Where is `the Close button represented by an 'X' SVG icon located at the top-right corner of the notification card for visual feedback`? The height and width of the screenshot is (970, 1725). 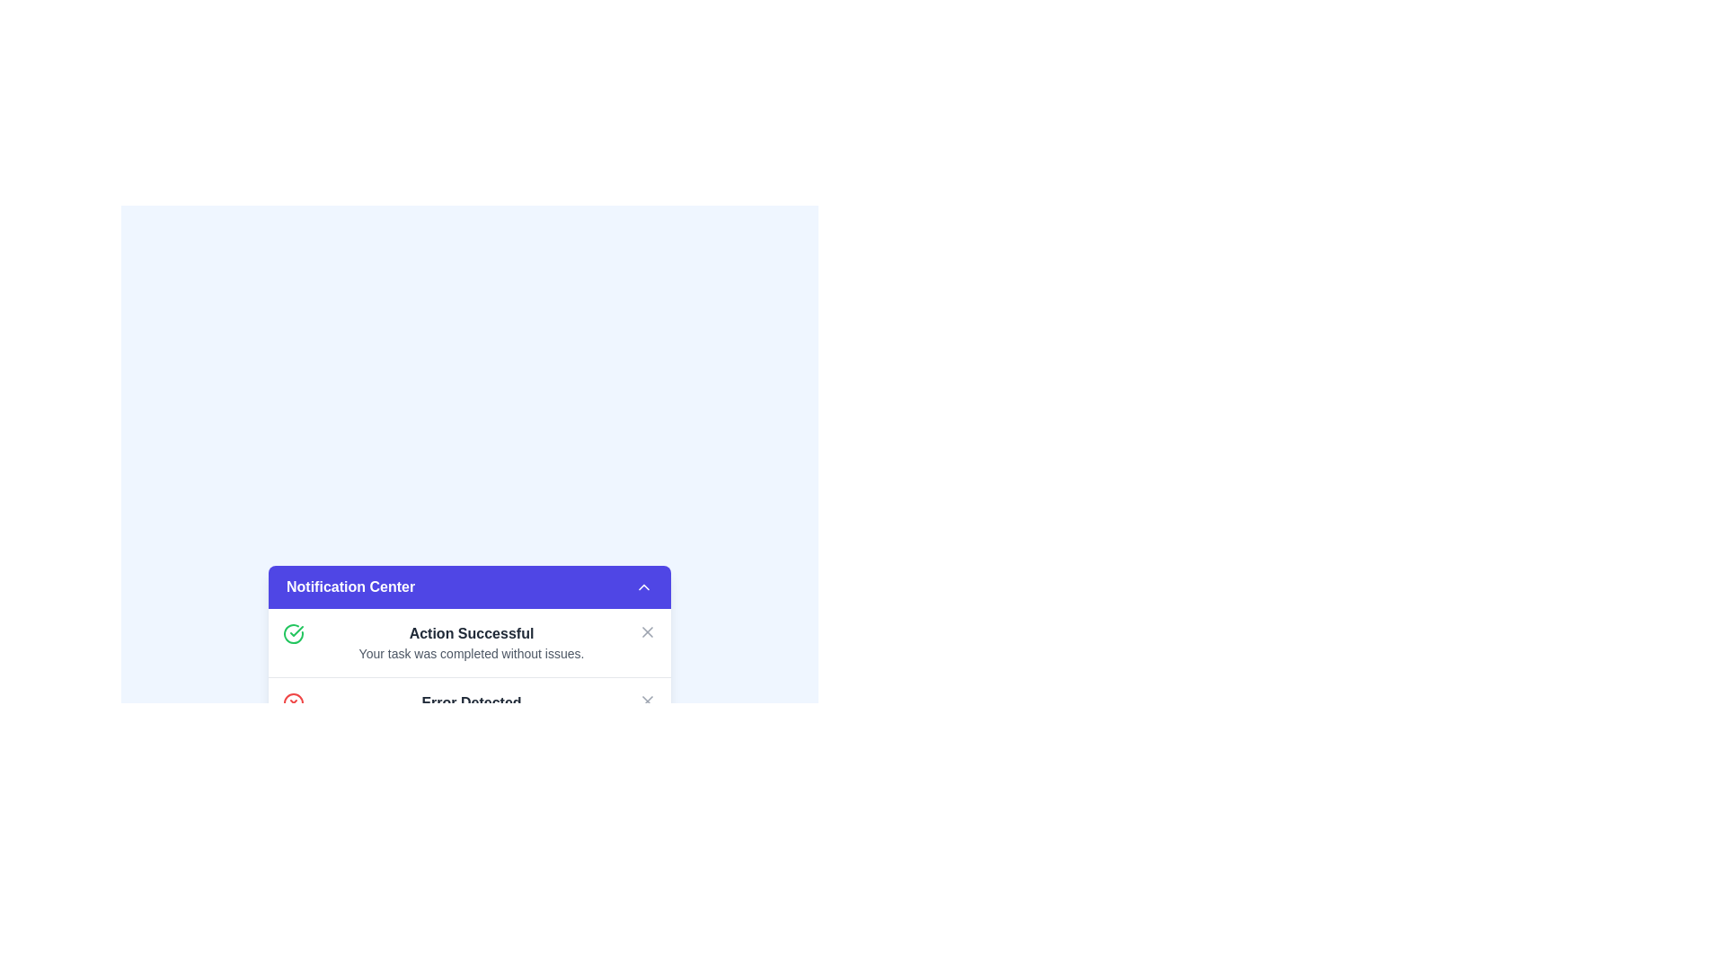 the Close button represented by an 'X' SVG icon located at the top-right corner of the notification card for visual feedback is located at coordinates (647, 631).